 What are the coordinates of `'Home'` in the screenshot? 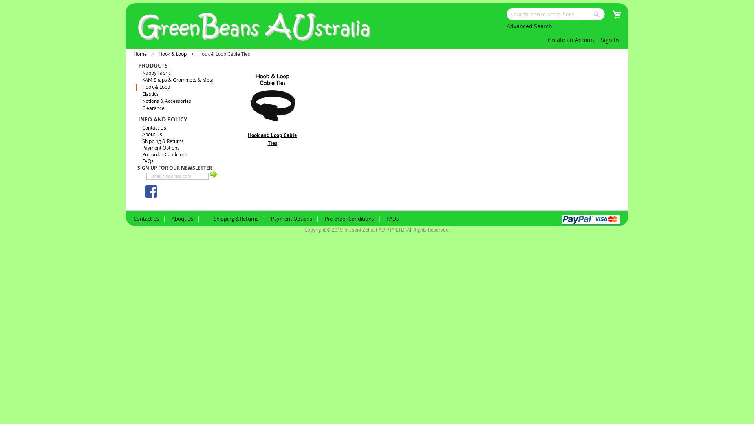 It's located at (141, 53).